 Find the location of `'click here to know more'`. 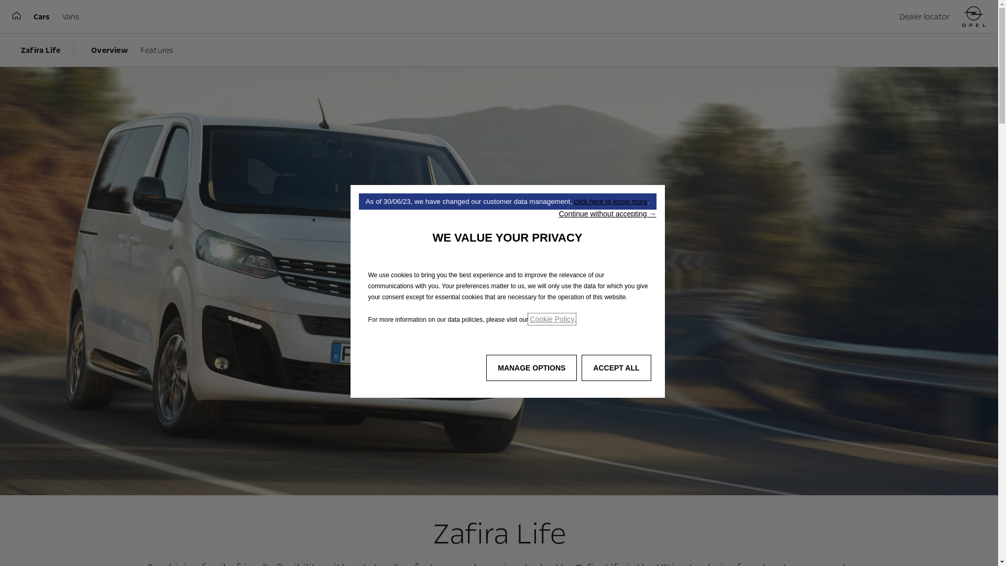

'click here to know more' is located at coordinates (611, 201).